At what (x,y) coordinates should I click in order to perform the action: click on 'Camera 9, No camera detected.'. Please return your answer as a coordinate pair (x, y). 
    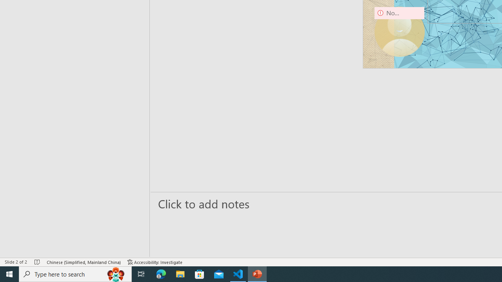
    Looking at the image, I should click on (399, 31).